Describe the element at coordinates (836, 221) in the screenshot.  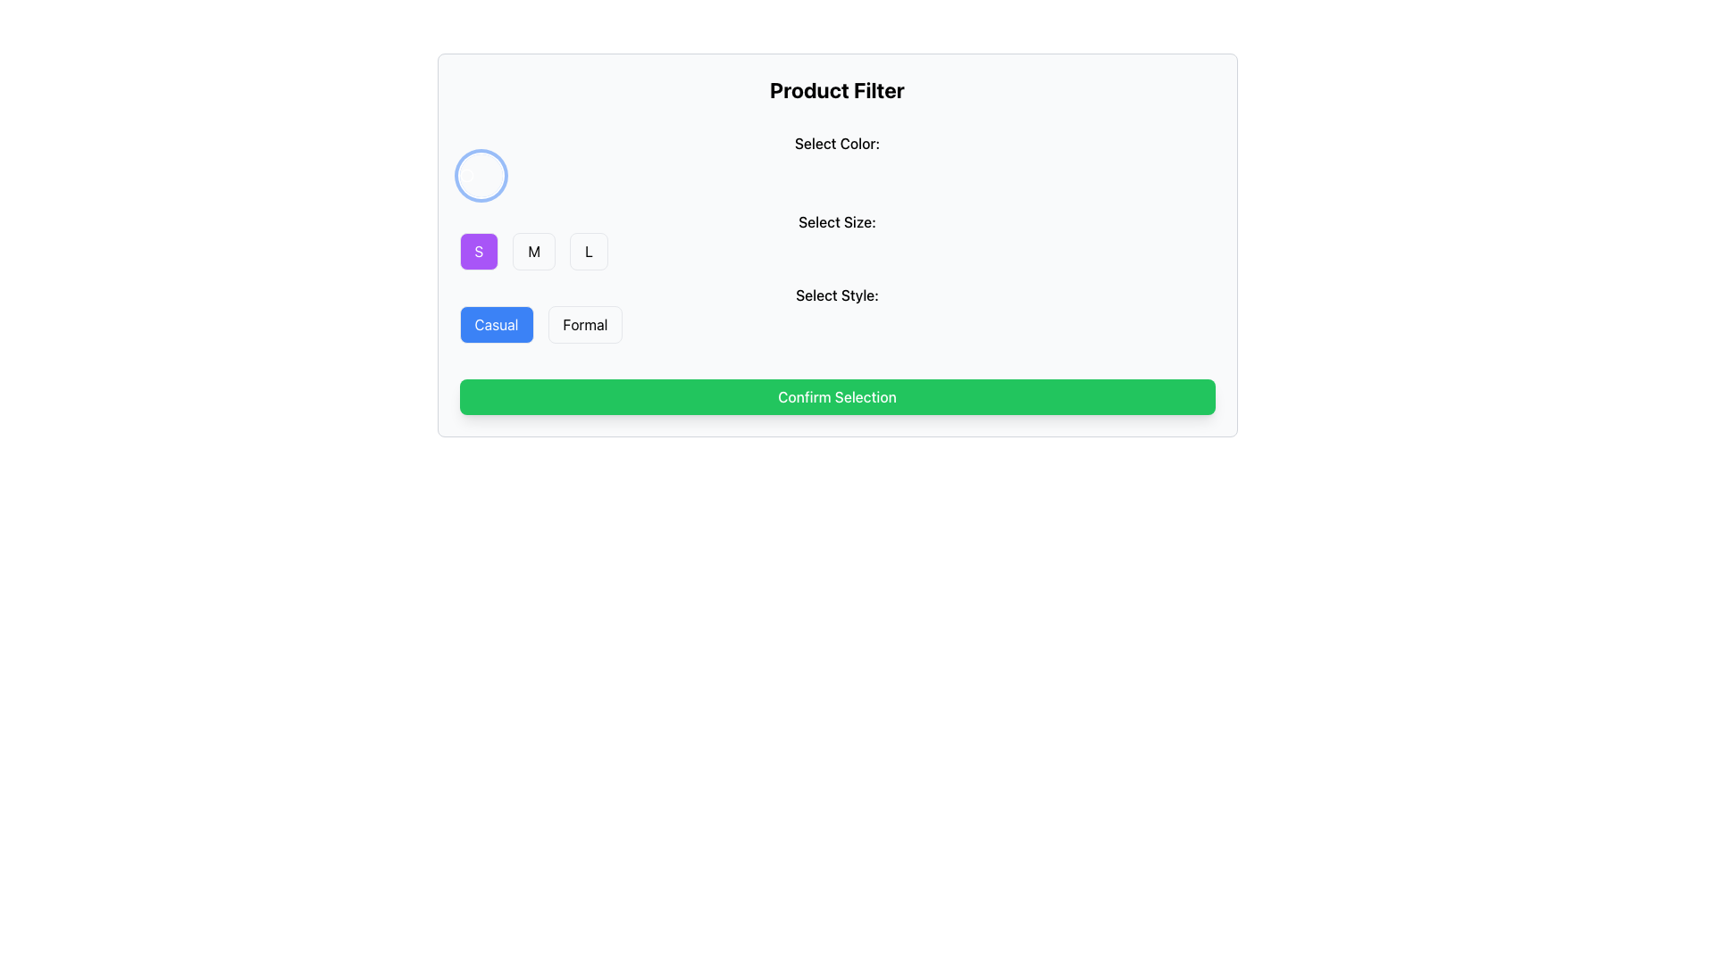
I see `the text label 'Select Size:' which is positioned above the size options buttons 'S', 'M', 'L'` at that location.